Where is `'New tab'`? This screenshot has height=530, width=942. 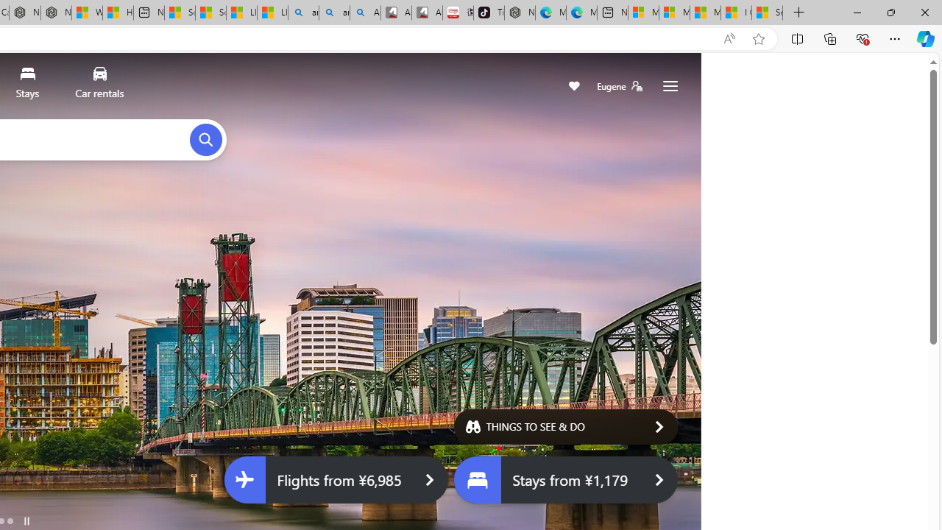 'New tab' is located at coordinates (612, 13).